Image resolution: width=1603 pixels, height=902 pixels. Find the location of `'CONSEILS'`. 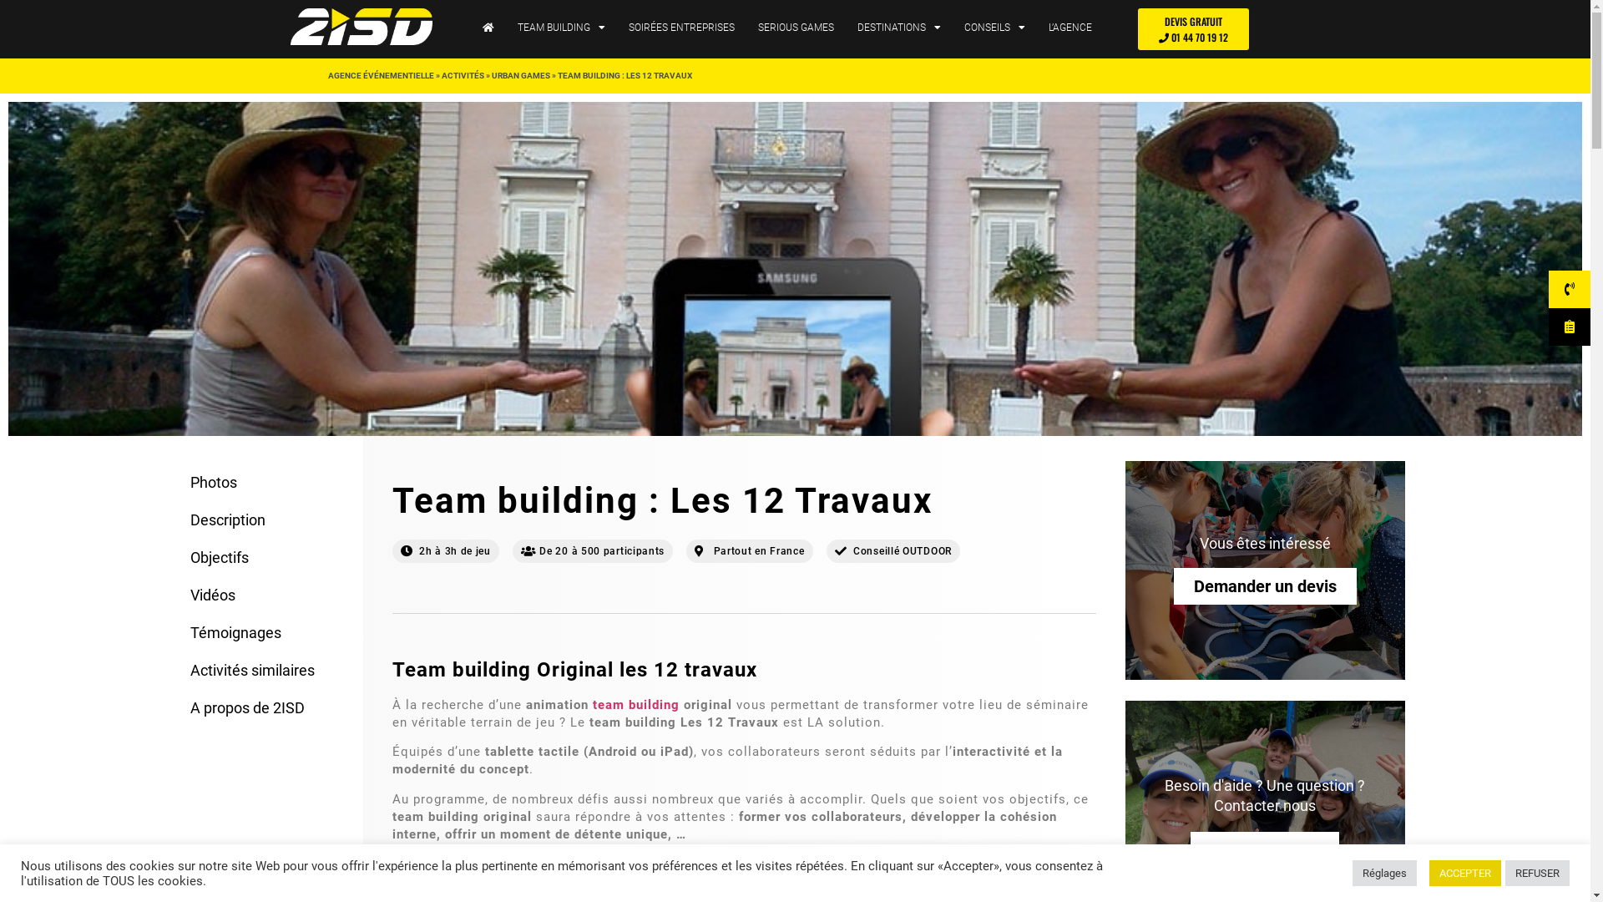

'CONSEILS' is located at coordinates (994, 28).